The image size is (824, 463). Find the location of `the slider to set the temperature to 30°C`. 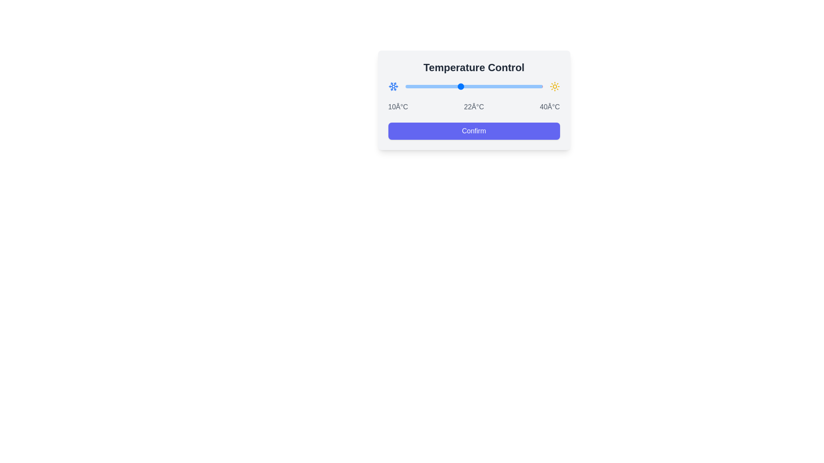

the slider to set the temperature to 30°C is located at coordinates (497, 86).